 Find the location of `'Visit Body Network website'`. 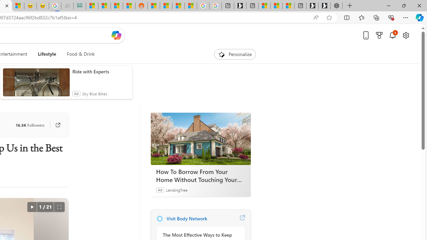

'Visit Body Network website' is located at coordinates (242, 218).